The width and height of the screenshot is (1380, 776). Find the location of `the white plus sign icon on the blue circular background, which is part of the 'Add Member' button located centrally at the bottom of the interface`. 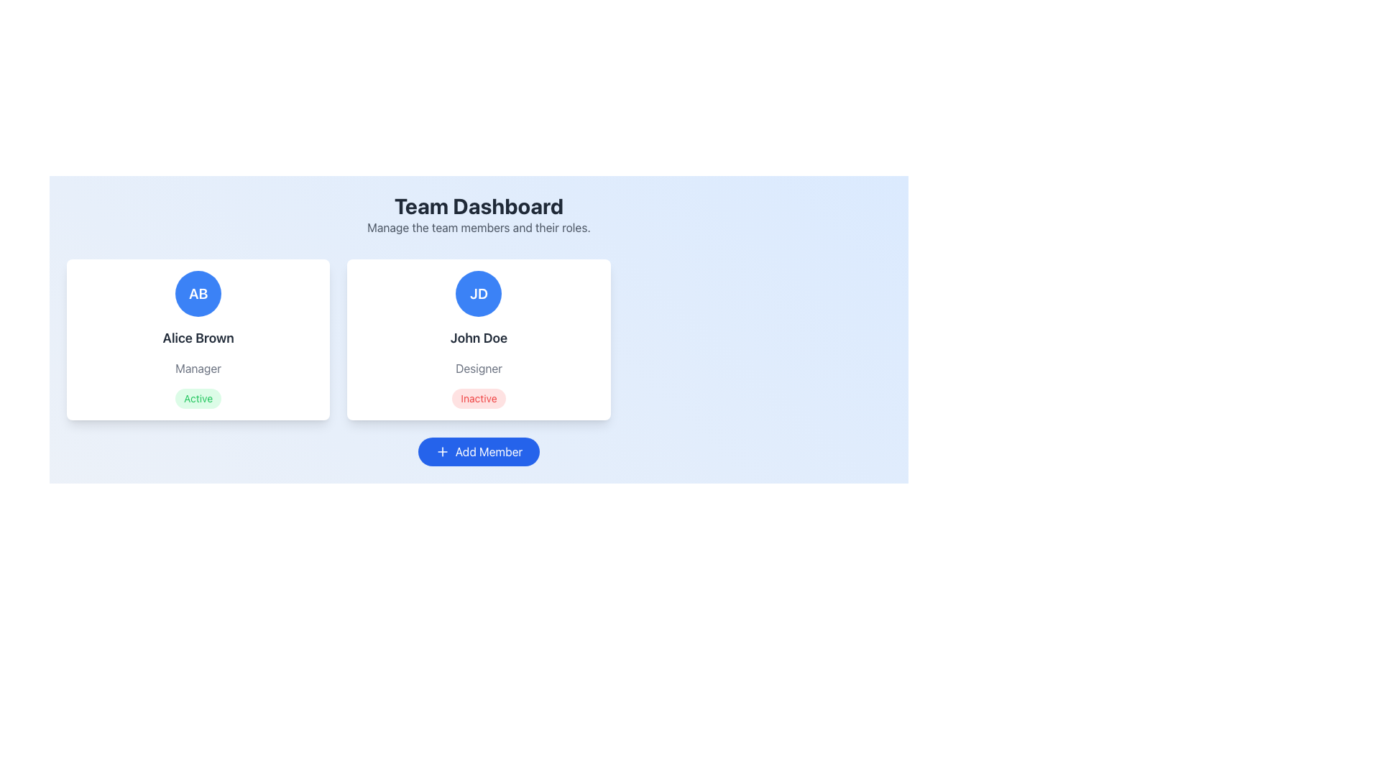

the white plus sign icon on the blue circular background, which is part of the 'Add Member' button located centrally at the bottom of the interface is located at coordinates (441, 451).